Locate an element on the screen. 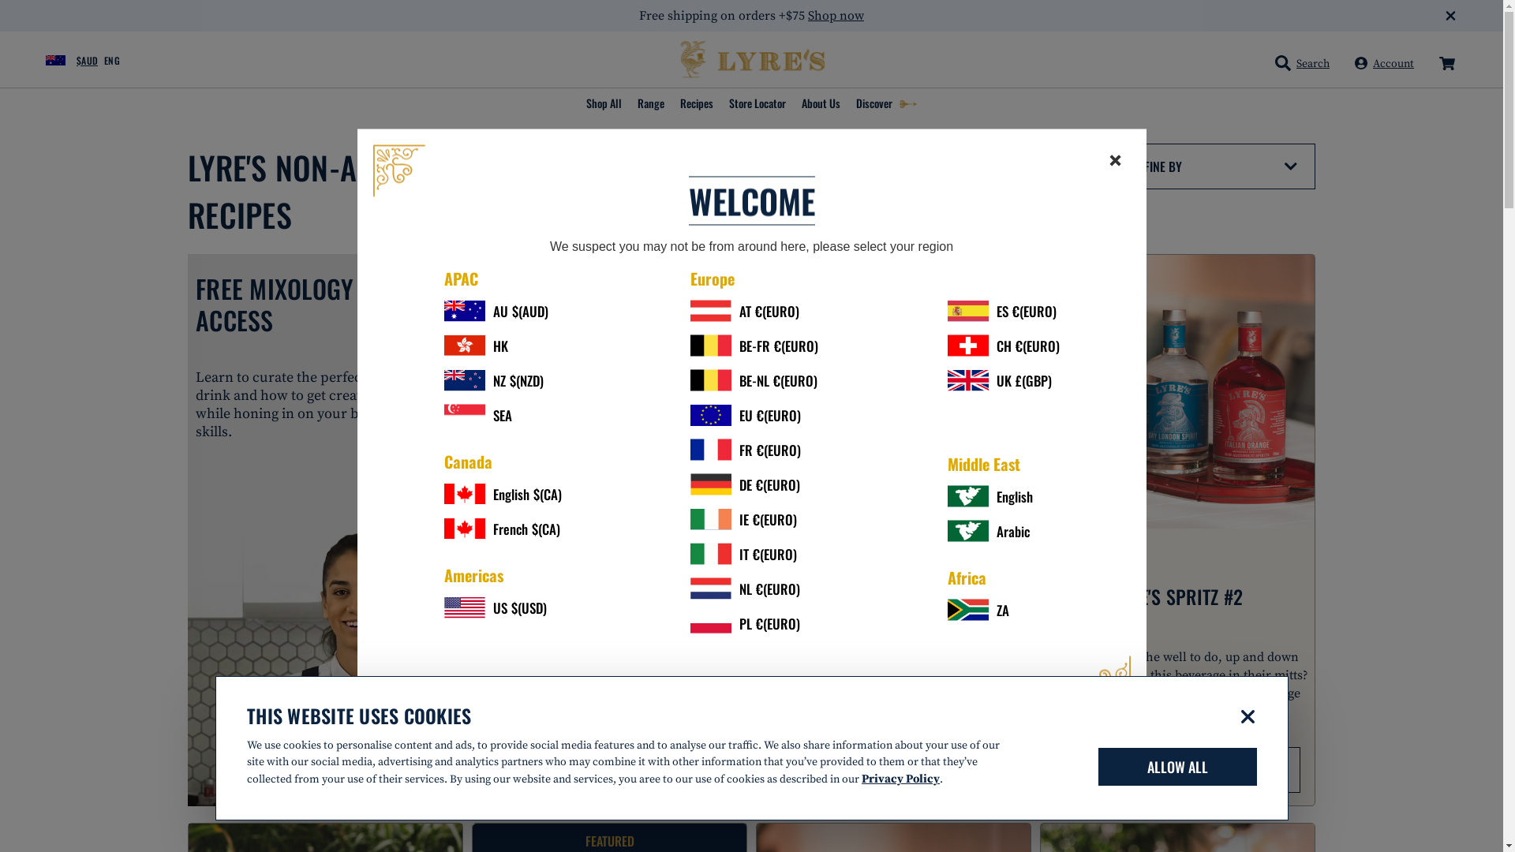 This screenshot has height=852, width=1515. 'Recipes' is located at coordinates (696, 103).